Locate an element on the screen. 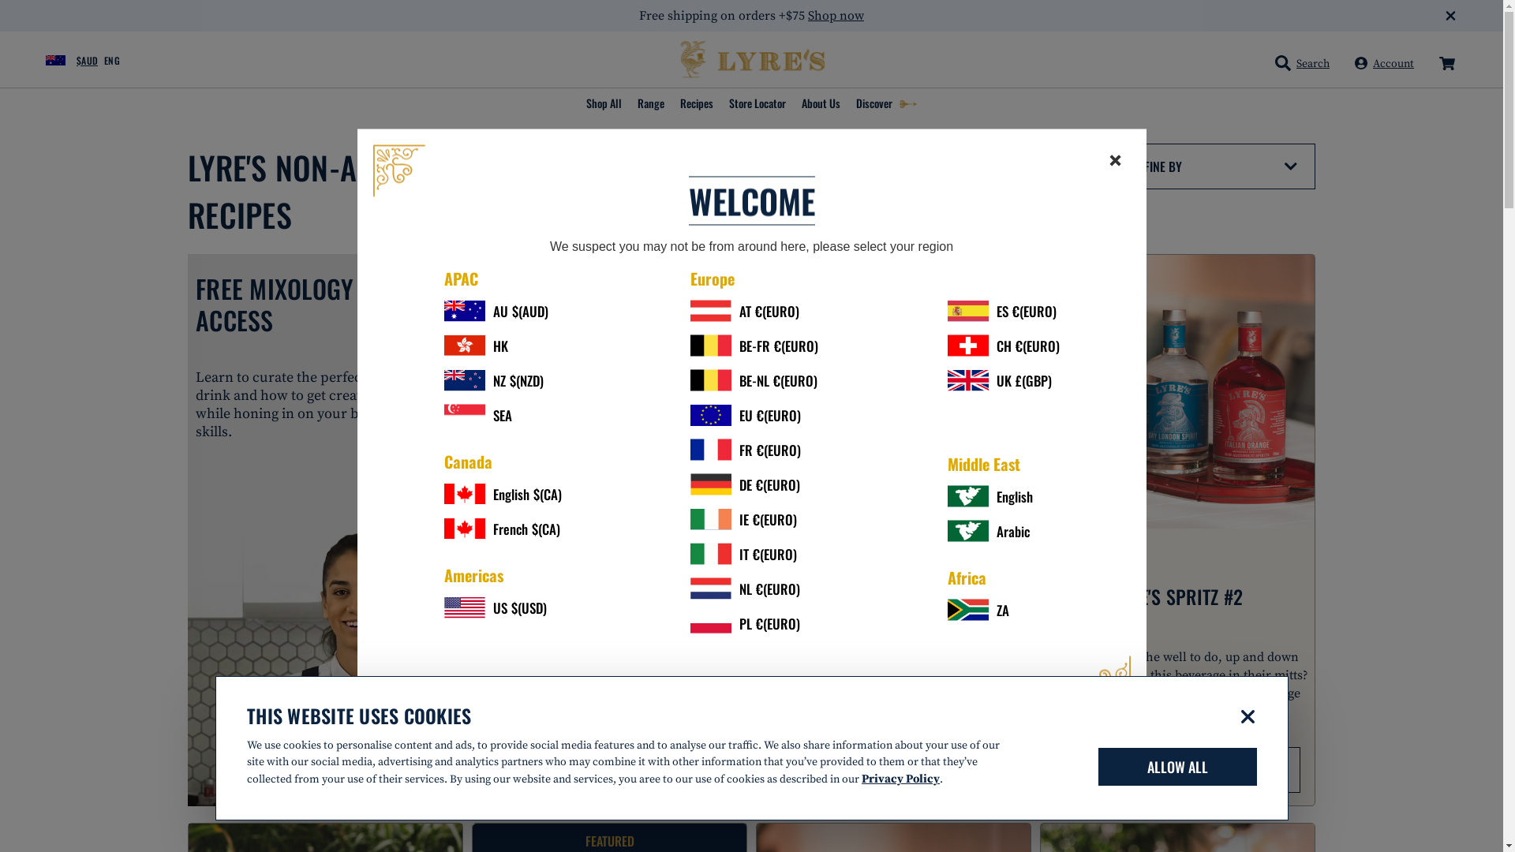 This screenshot has height=852, width=1515. 'Recipes' is located at coordinates (696, 103).